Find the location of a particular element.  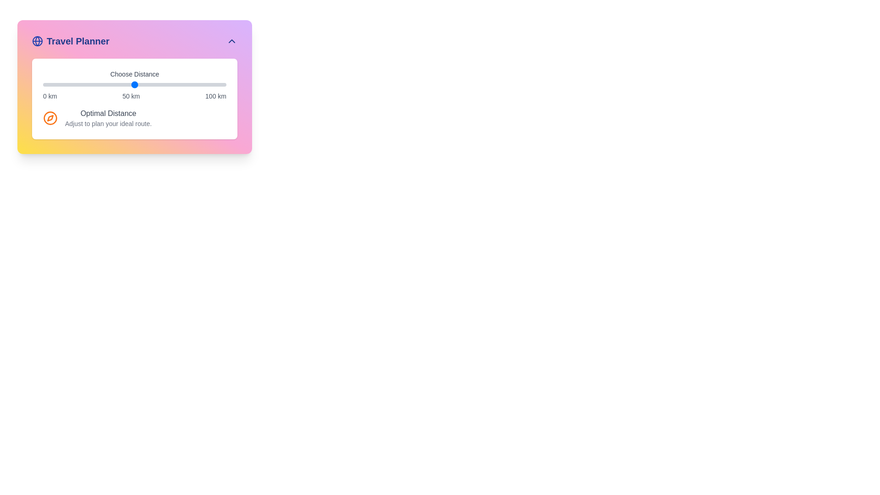

the slider is located at coordinates (202, 85).